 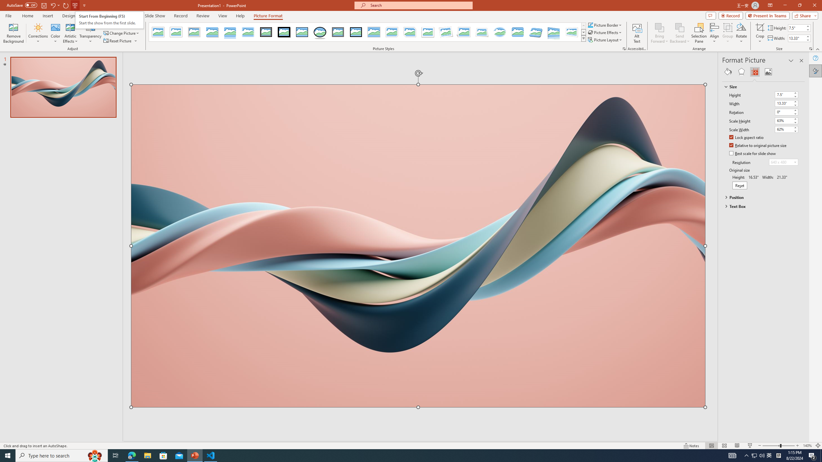 I want to click on 'Align', so click(x=714, y=33).